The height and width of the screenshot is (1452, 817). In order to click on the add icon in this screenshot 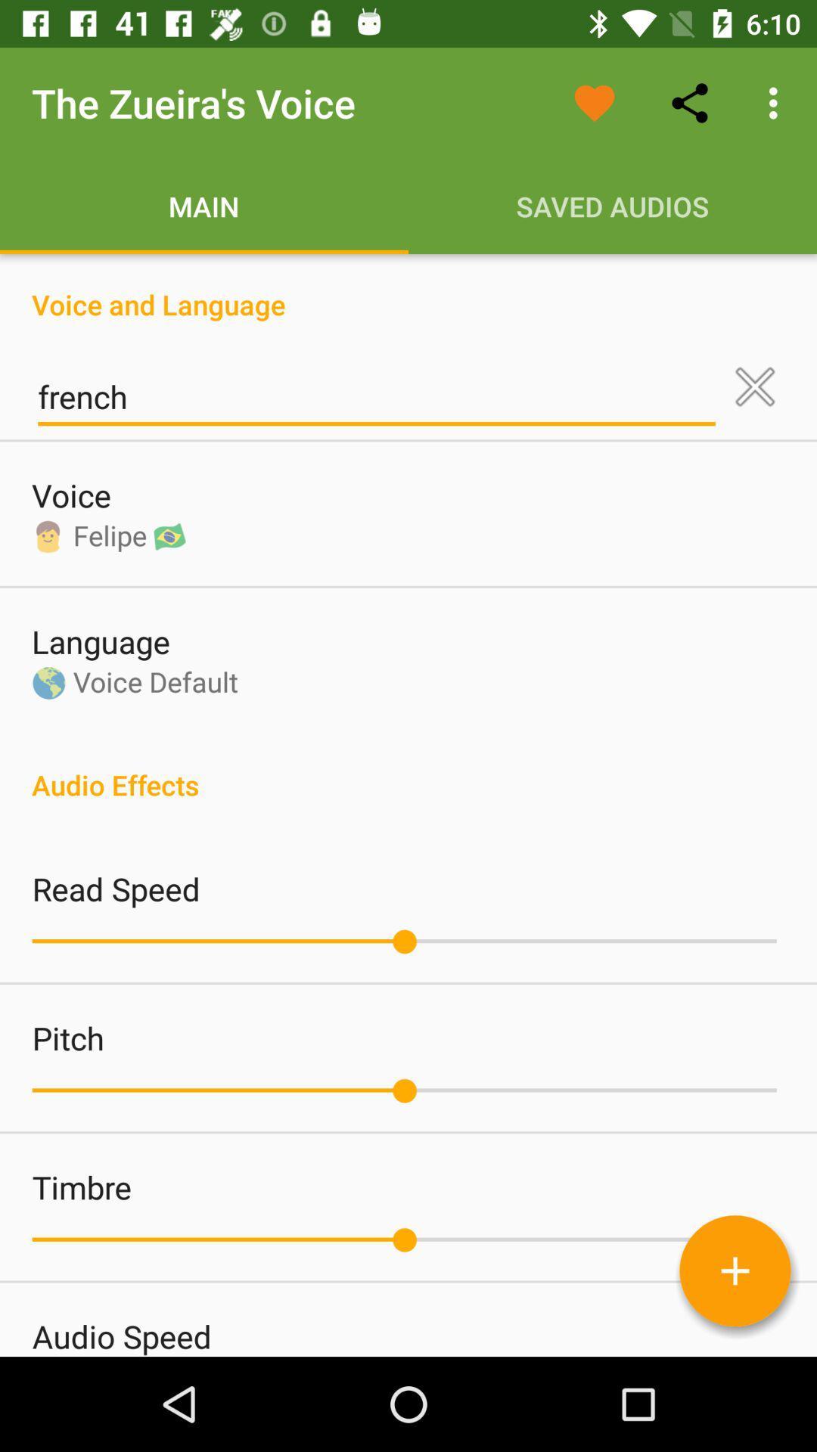, I will do `click(735, 1270)`.